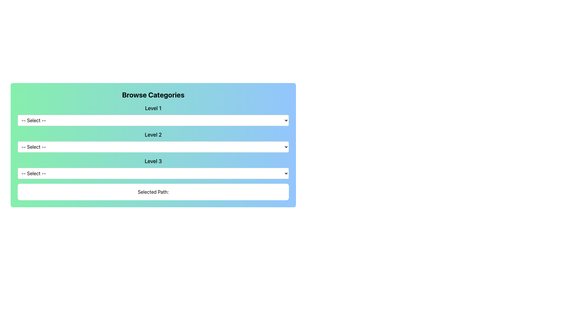  I want to click on the 'Level 1' dropdown menu, so click(153, 115).